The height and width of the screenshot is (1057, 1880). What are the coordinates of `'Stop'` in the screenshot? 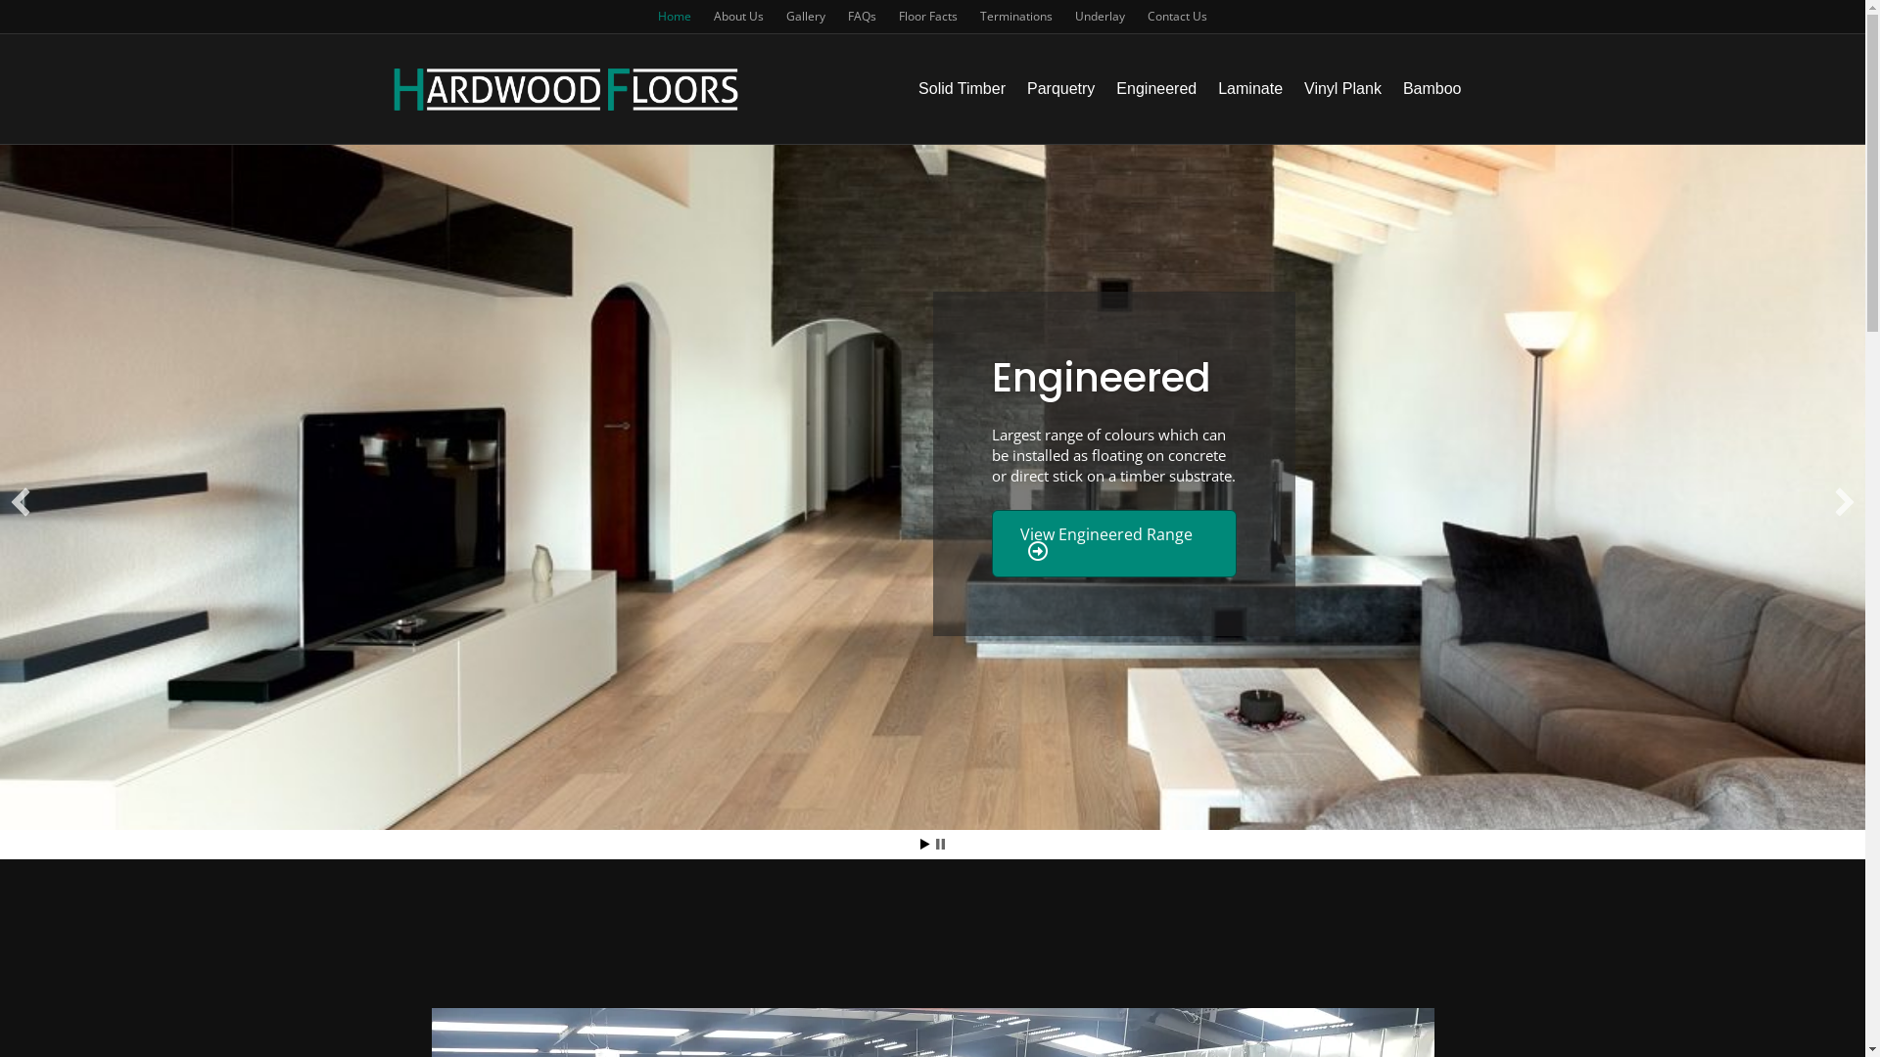 It's located at (940, 843).